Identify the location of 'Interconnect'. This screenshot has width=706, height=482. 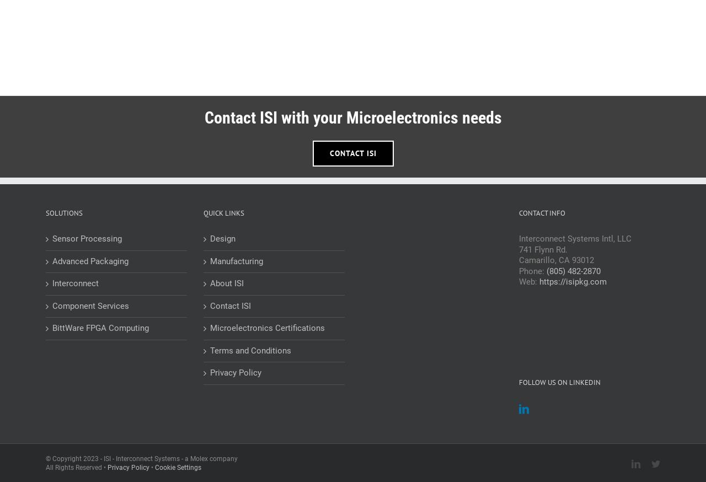
(51, 283).